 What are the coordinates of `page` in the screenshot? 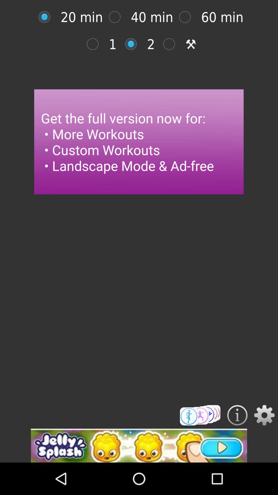 It's located at (172, 44).